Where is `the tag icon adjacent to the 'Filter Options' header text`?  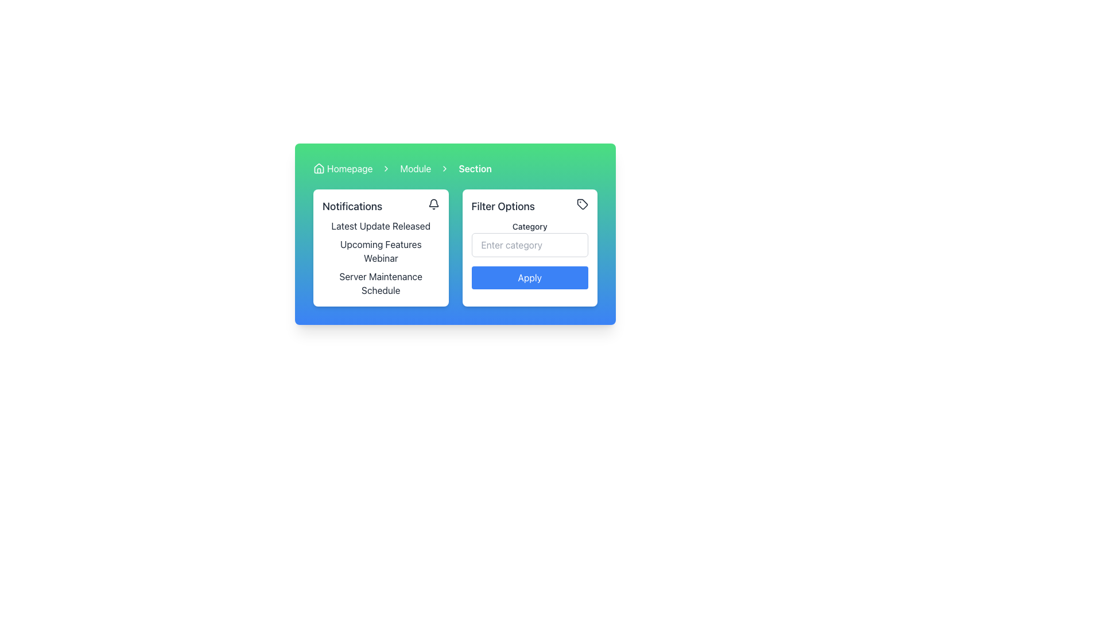 the tag icon adjacent to the 'Filter Options' header text is located at coordinates (529, 206).